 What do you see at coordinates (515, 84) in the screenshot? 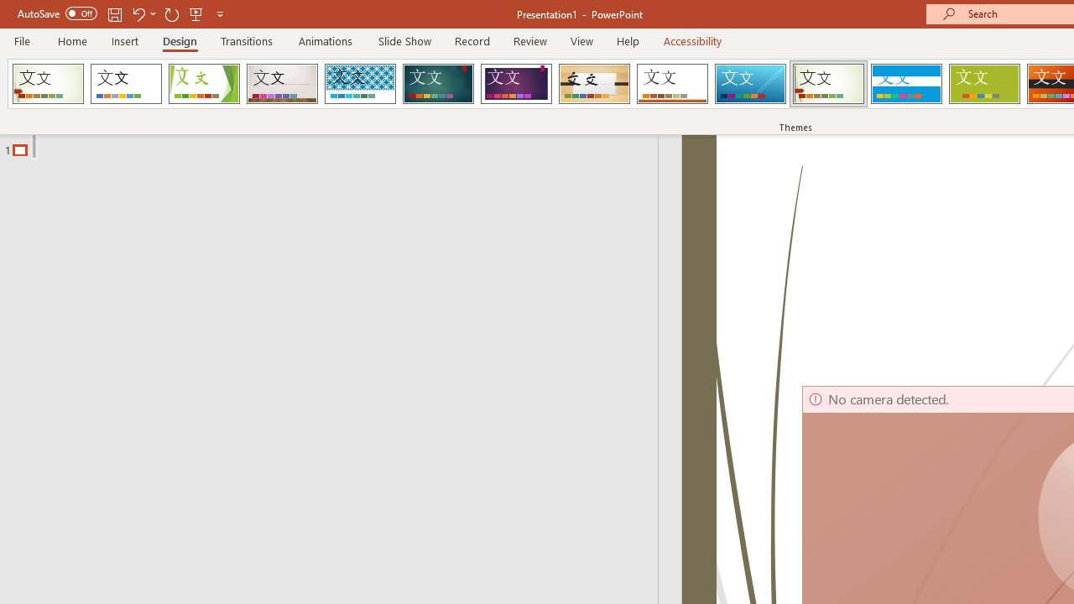
I see `'Ion Boardroom'` at bounding box center [515, 84].